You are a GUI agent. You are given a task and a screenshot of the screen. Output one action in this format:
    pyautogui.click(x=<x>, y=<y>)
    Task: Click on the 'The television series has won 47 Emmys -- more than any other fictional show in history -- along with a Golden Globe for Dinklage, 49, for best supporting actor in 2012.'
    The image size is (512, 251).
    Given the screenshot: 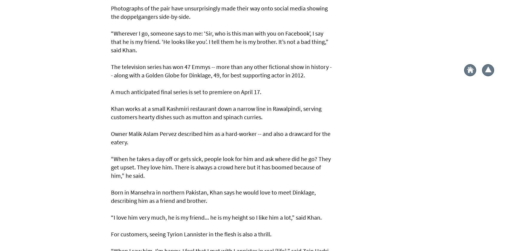 What is the action you would take?
    pyautogui.click(x=221, y=71)
    